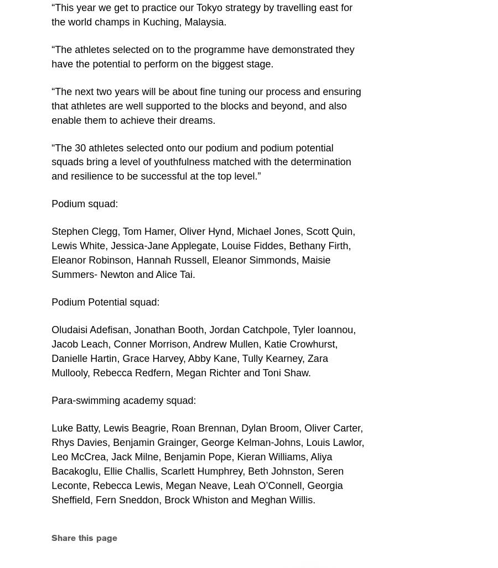 Image resolution: width=498 pixels, height=568 pixels. Describe the element at coordinates (207, 463) in the screenshot. I see `'Luke Batty, Lewis Beagrie, Roan Brennan, Dylan Broom, Oliver Carter, Rhys Davies, Benjamin Grainger, George Kelman-Johns, Louis Lawlor, Leo McCrea, Jack Milne, Benjamin Pope, Kieran Williams, Aliya Bacakoglu, Ellie Challis, Scarlett Humphrey, Beth Johnston, Seren Leconte, Rebecca Lewis, Megan Neave, Leah O’Connell, Georgia Sheffield, Fern Sneddon, Brock Whiston and Meghan Willis.'` at that location.